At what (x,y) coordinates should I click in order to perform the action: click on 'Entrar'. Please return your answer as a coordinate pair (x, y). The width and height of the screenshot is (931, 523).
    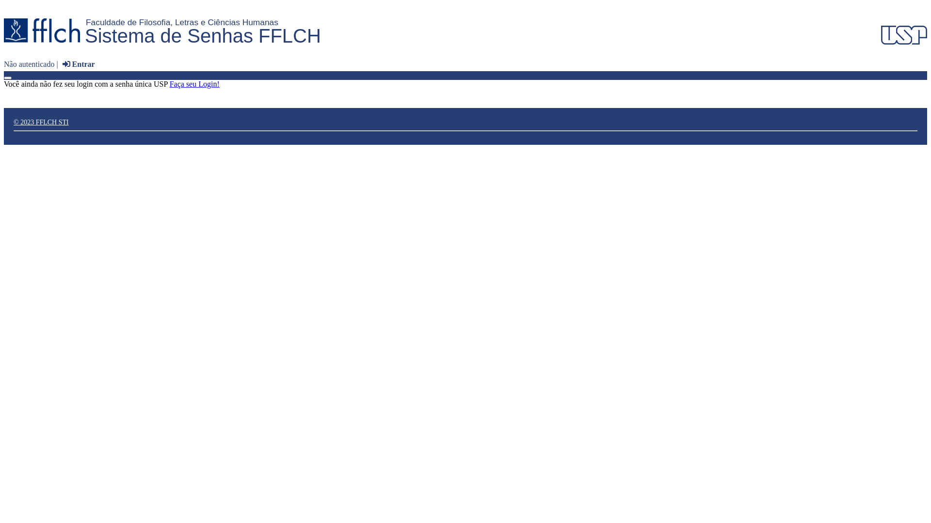
    Looking at the image, I should click on (77, 64).